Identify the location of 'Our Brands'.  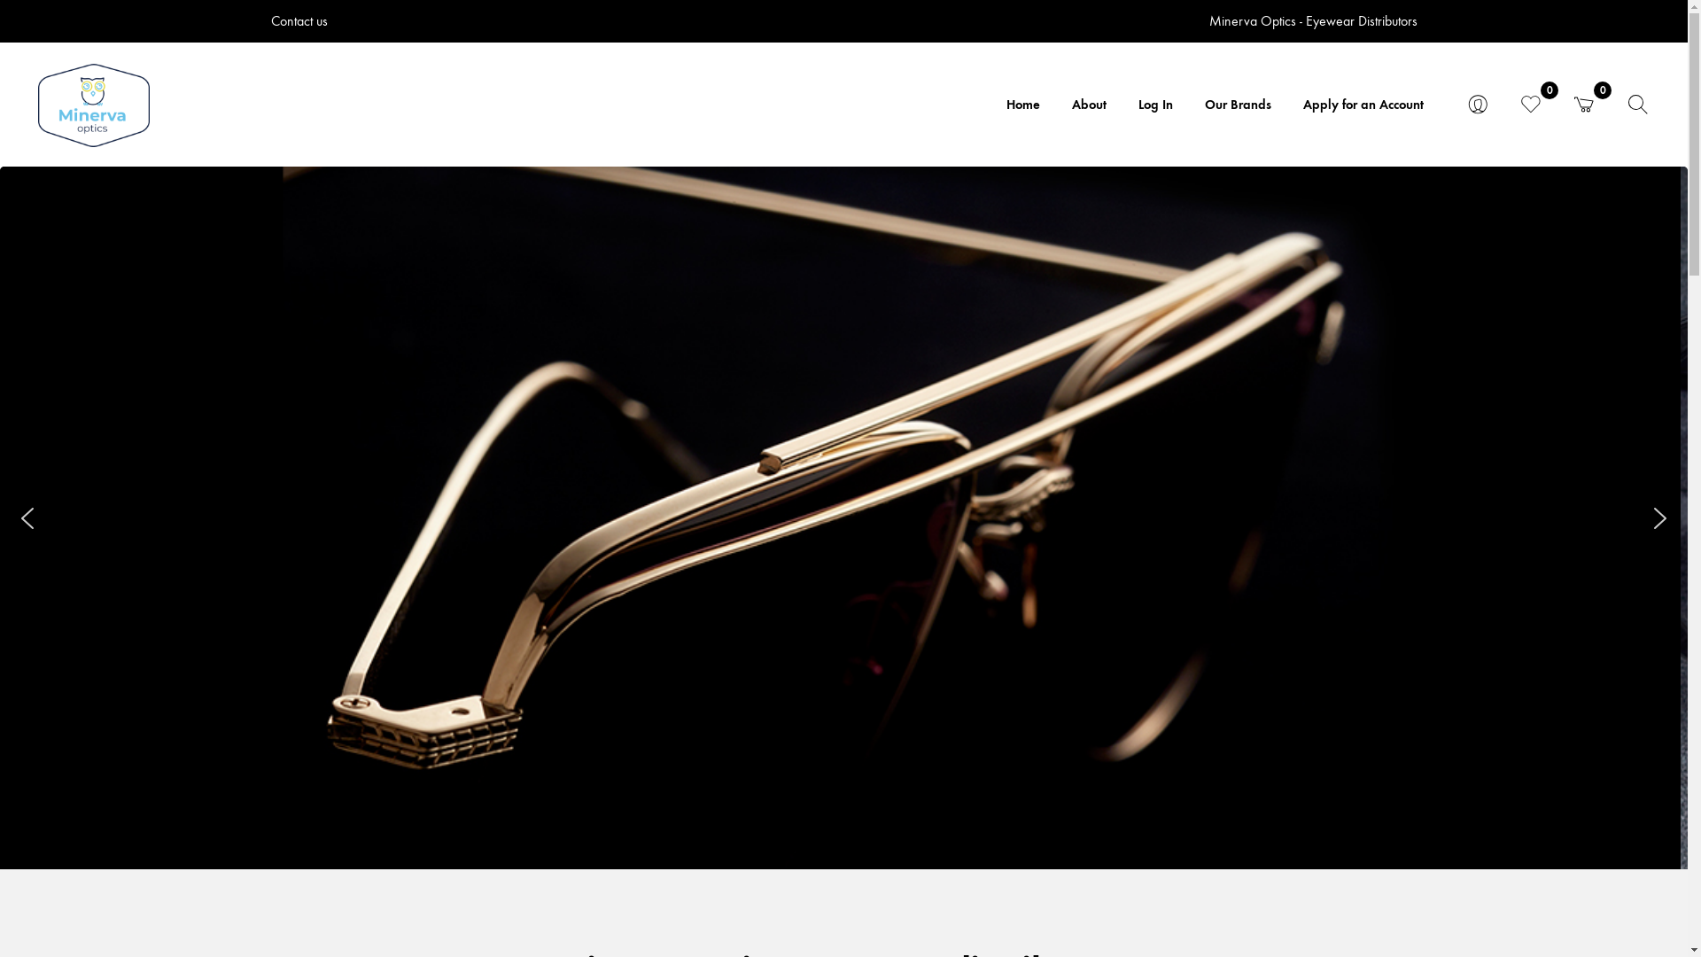
(1237, 105).